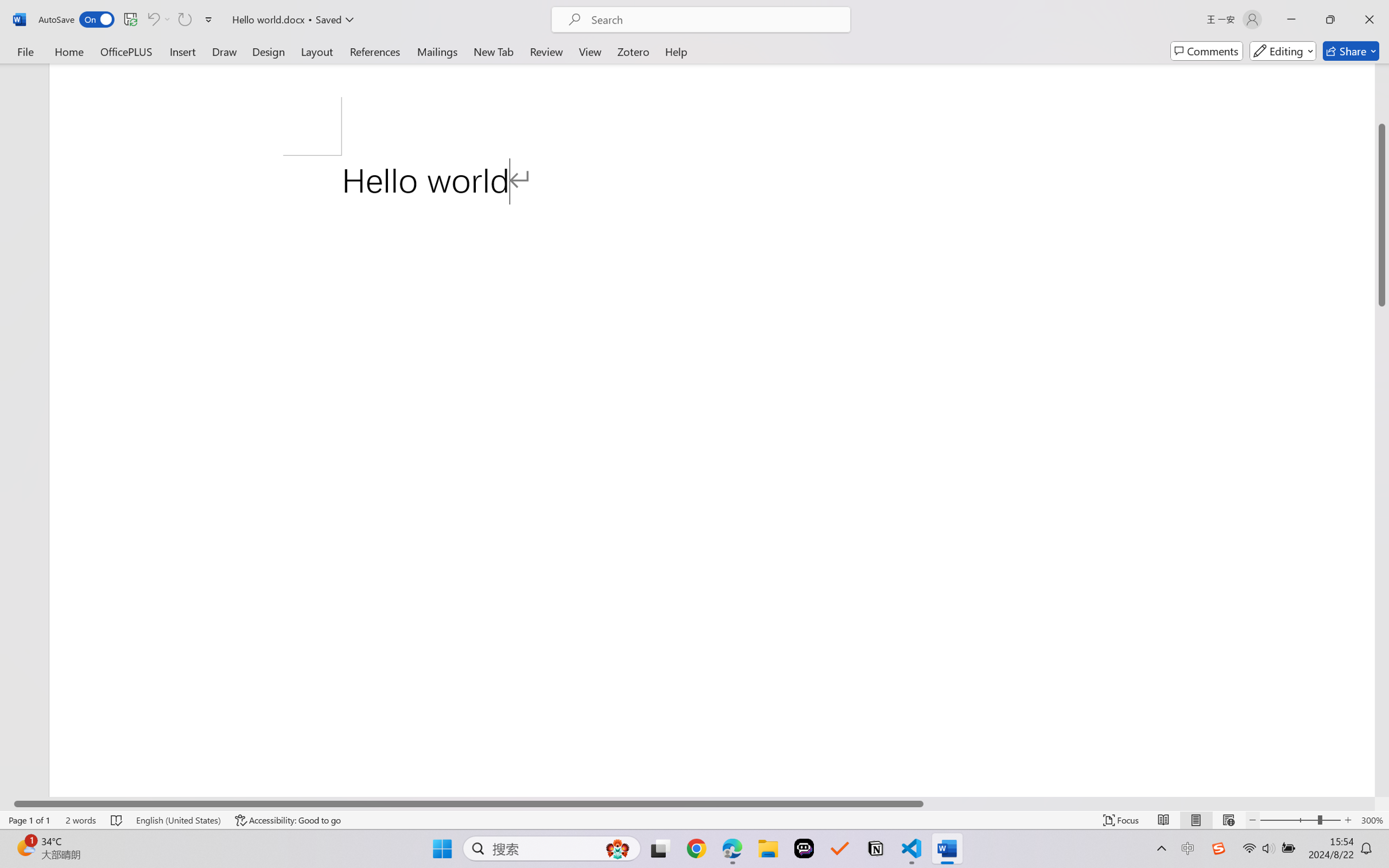 This screenshot has height=868, width=1389. What do you see at coordinates (1218, 848) in the screenshot?
I see `'Class: Image'` at bounding box center [1218, 848].